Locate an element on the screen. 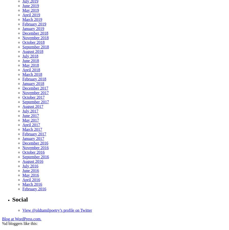 The width and height of the screenshot is (229, 230). 'October 2017' is located at coordinates (33, 97).